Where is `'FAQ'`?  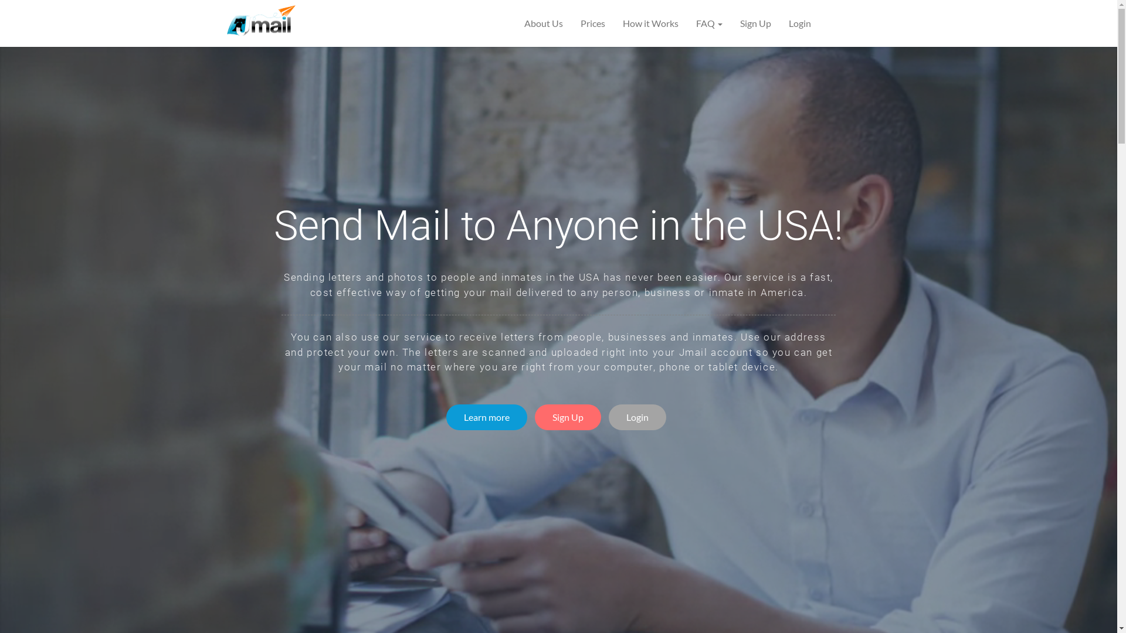 'FAQ' is located at coordinates (708, 23).